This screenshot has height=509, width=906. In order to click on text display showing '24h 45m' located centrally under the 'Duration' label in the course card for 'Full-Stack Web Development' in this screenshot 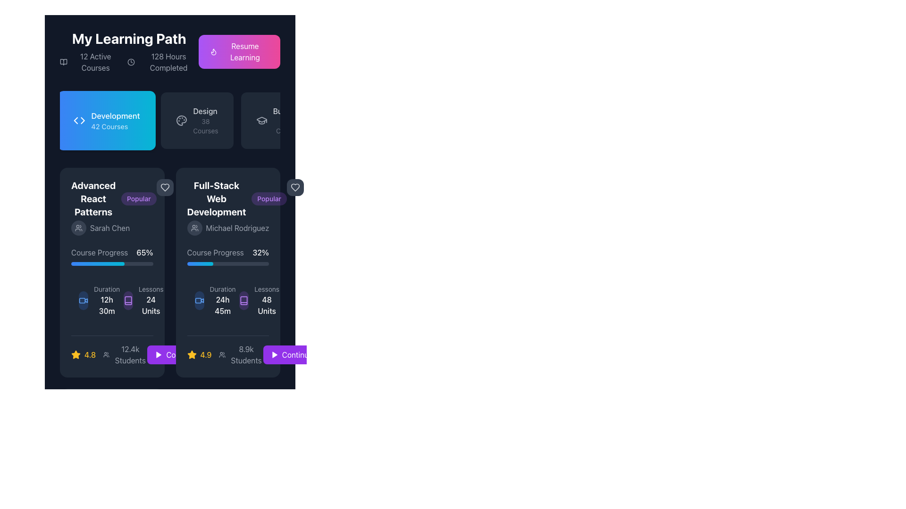, I will do `click(222, 305)`.